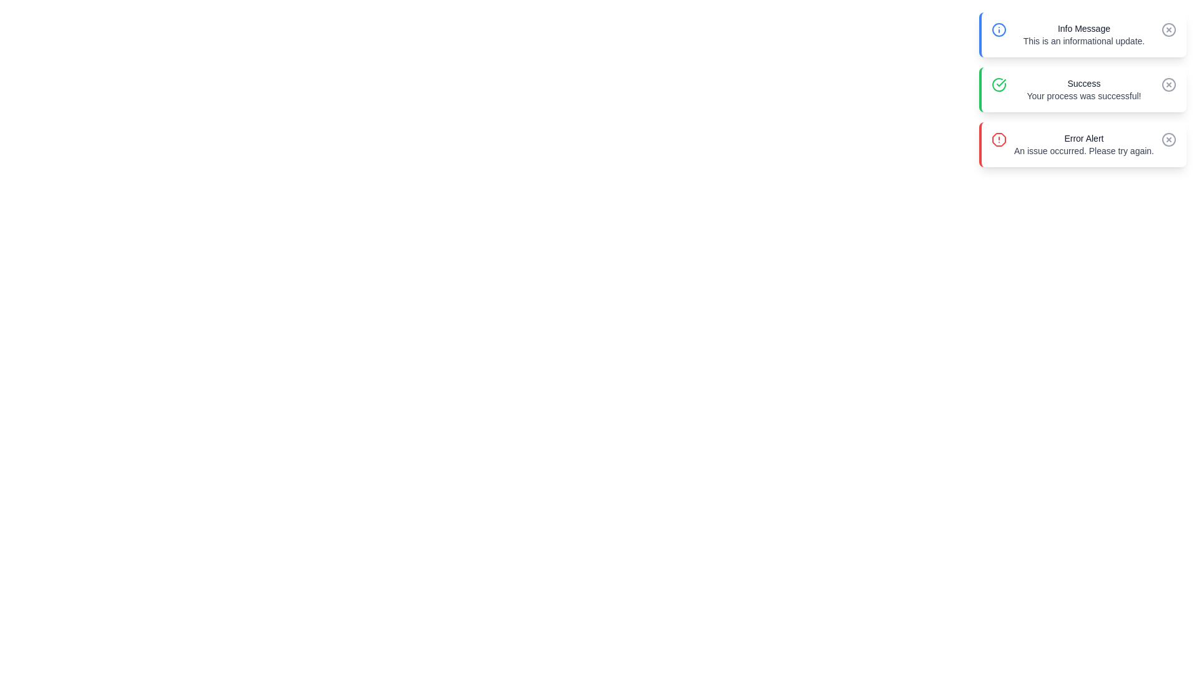  Describe the element at coordinates (1168, 29) in the screenshot. I see `the circular dismiss button with a thin gray border and a white cross mark, located in the top-right corner of the 'Info Message' notification card` at that location.